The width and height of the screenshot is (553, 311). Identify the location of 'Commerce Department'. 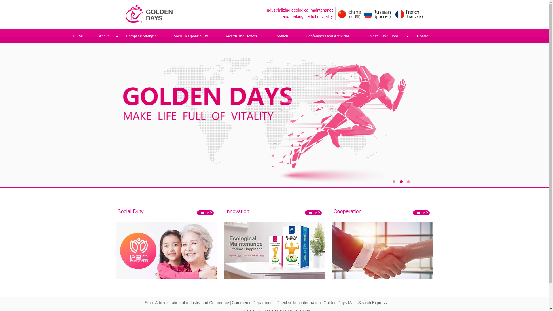
(253, 303).